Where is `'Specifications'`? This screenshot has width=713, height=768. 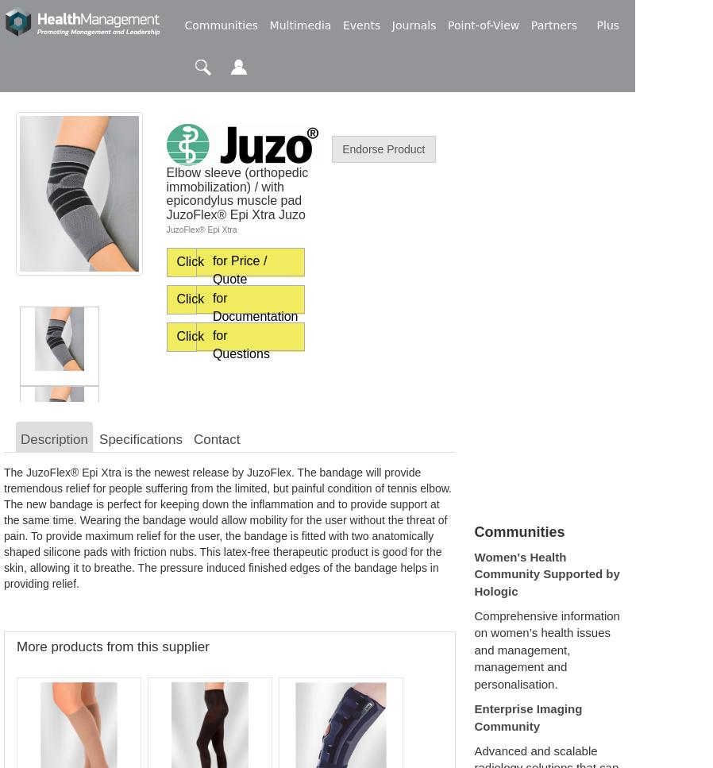
'Specifications' is located at coordinates (139, 439).